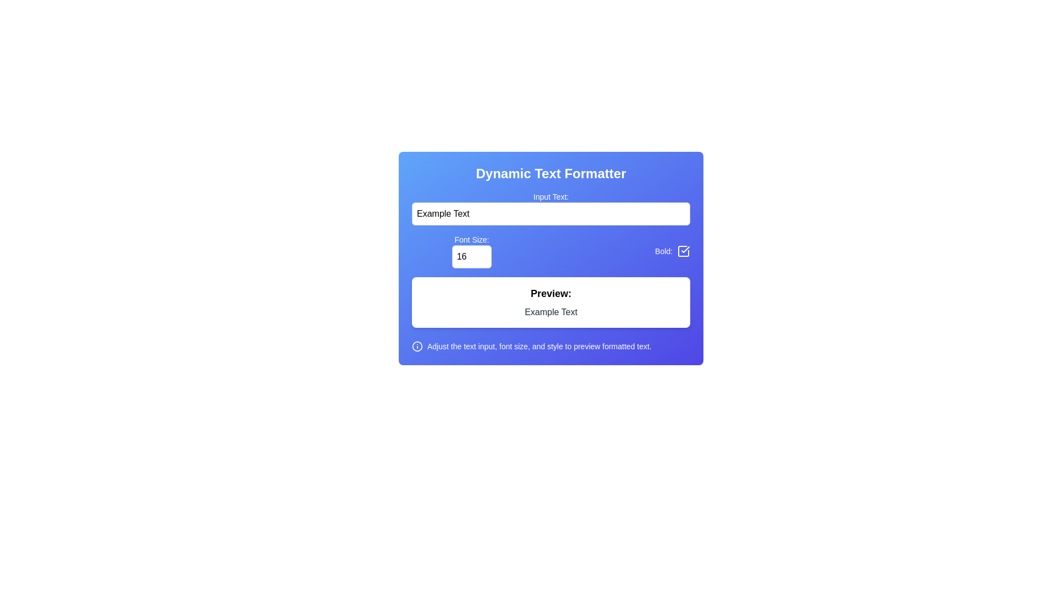 Image resolution: width=1056 pixels, height=594 pixels. I want to click on the checkbox that is labeled 'Bold:', which is styled in small, medium-weight white font, so click(672, 251).